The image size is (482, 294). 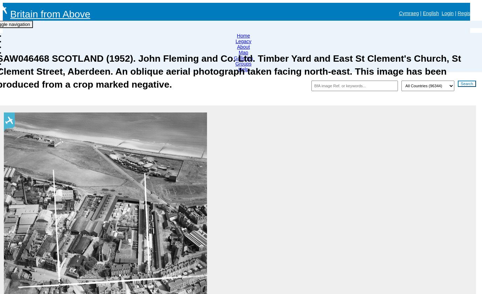 I want to click on 'Britain from Above', so click(x=49, y=14).